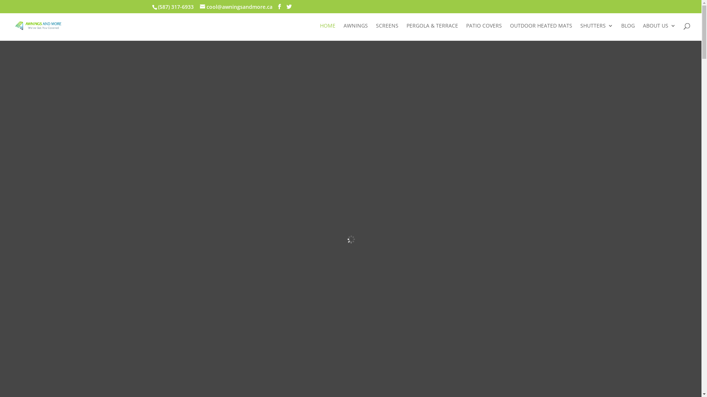 This screenshot has height=397, width=707. What do you see at coordinates (510, 31) in the screenshot?
I see `'OUTDOOR HEATED MATS'` at bounding box center [510, 31].